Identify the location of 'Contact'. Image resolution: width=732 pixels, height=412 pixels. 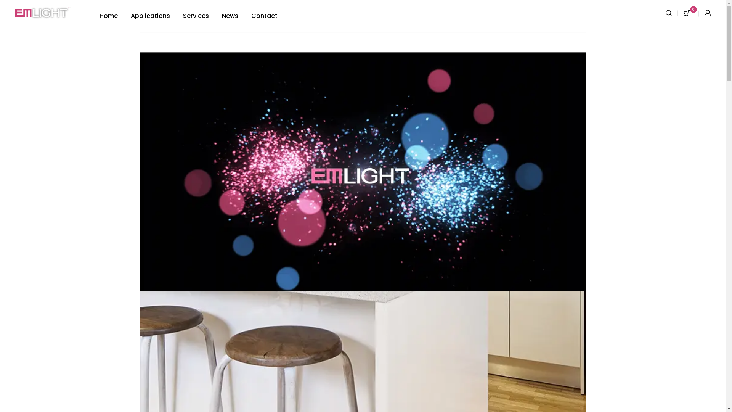
(264, 16).